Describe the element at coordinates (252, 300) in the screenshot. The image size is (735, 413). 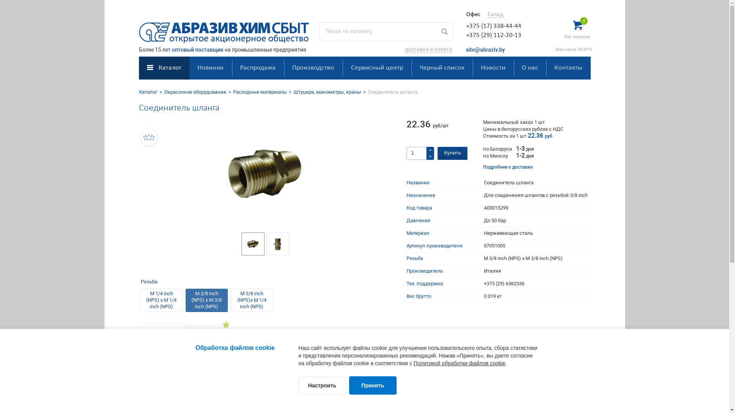
I see `'M 3/8 inch (NPS)x M 1/4 inch (NPS)'` at that location.